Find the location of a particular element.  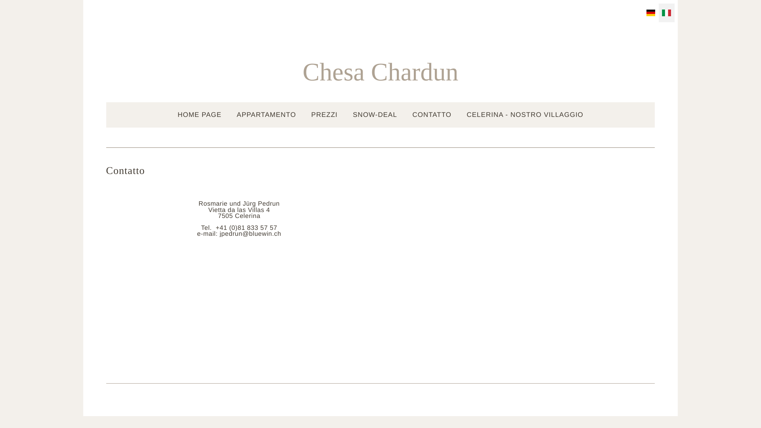

'Chesa Chardun' is located at coordinates (380, 73).